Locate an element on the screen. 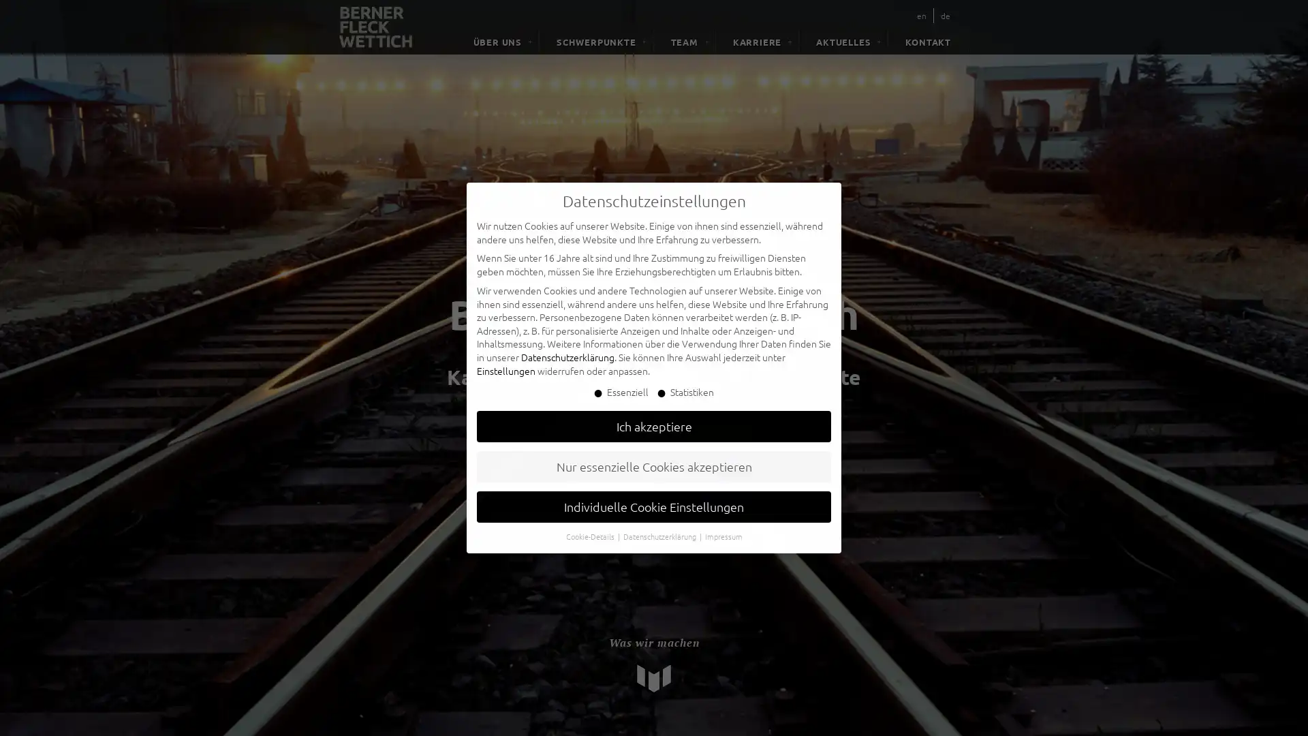 This screenshot has height=736, width=1308. Individuelle Cookie Einstellungen is located at coordinates (654, 507).